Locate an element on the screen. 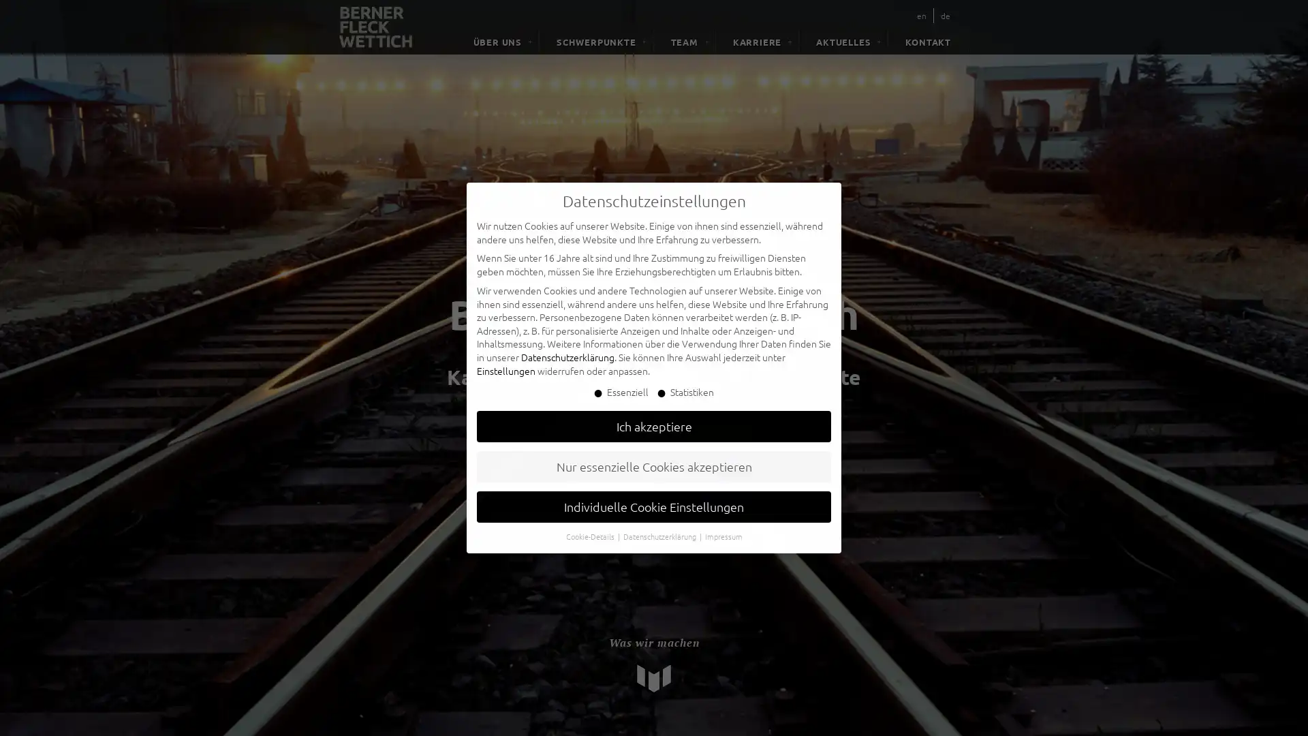 This screenshot has height=736, width=1308. Individuelle Cookie Einstellungen is located at coordinates (654, 507).